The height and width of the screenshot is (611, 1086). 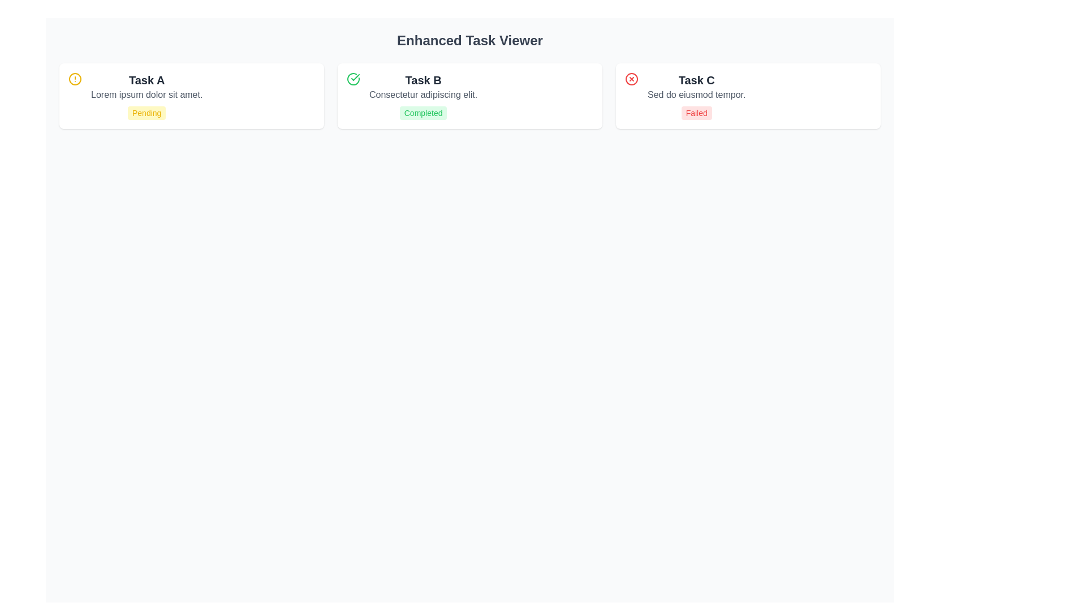 I want to click on the Text Header at the top of the page, which serves as the title of the interface, so click(x=469, y=40).